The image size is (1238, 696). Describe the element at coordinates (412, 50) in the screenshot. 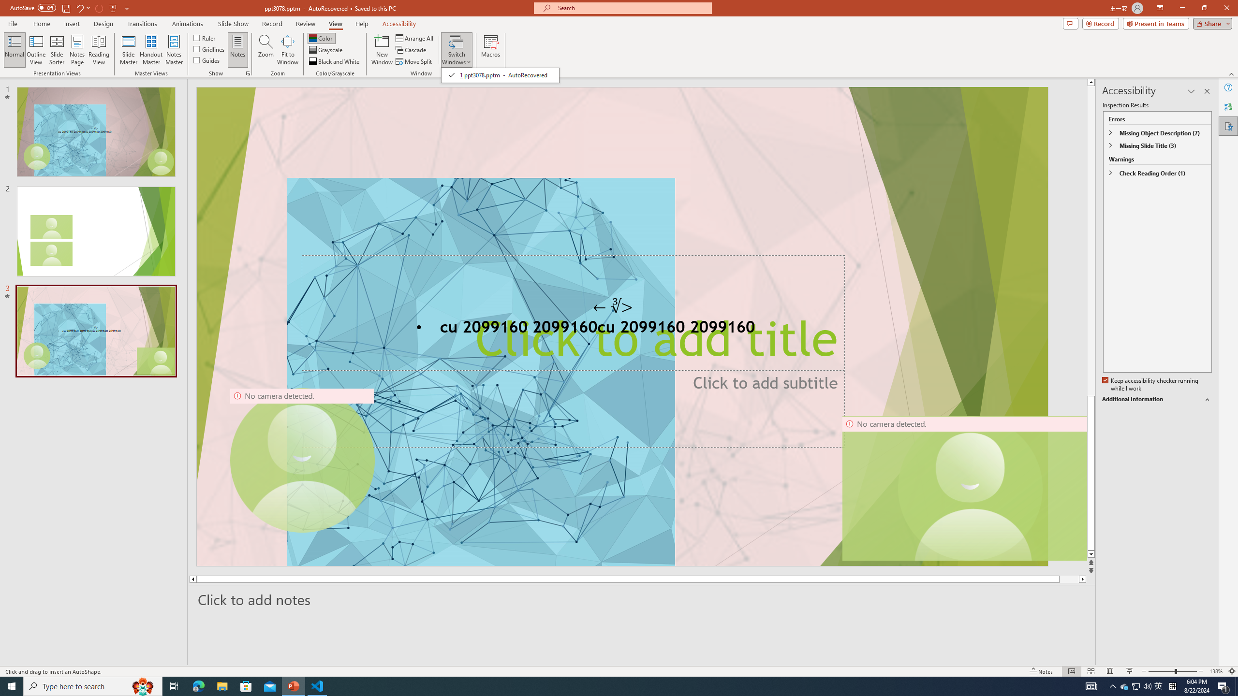

I see `'Cascade'` at that location.